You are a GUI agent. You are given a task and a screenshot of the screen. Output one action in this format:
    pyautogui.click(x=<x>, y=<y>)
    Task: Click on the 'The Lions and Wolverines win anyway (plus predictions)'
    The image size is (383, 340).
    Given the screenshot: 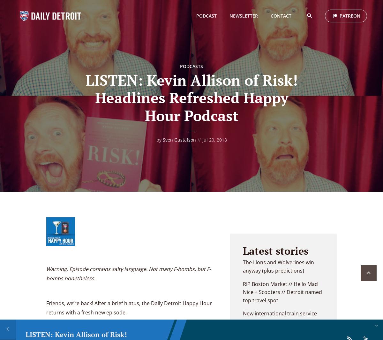 What is the action you would take?
    pyautogui.click(x=278, y=266)
    